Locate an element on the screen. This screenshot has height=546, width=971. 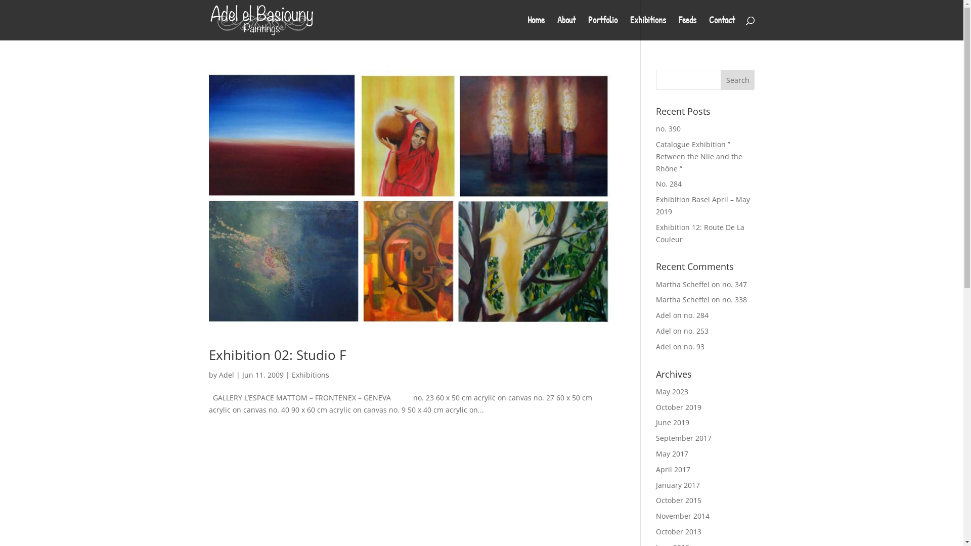
'May 2017' is located at coordinates (672, 453).